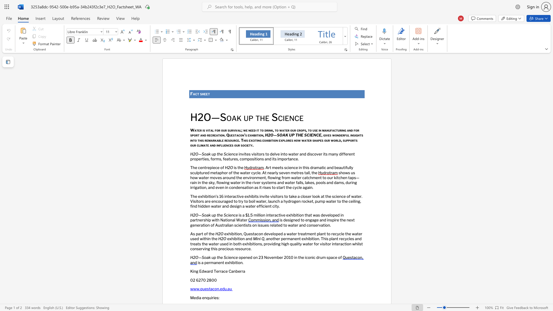  What do you see at coordinates (193, 94) in the screenshot?
I see `the space between the continuous character "F" and "a" in the text` at bounding box center [193, 94].